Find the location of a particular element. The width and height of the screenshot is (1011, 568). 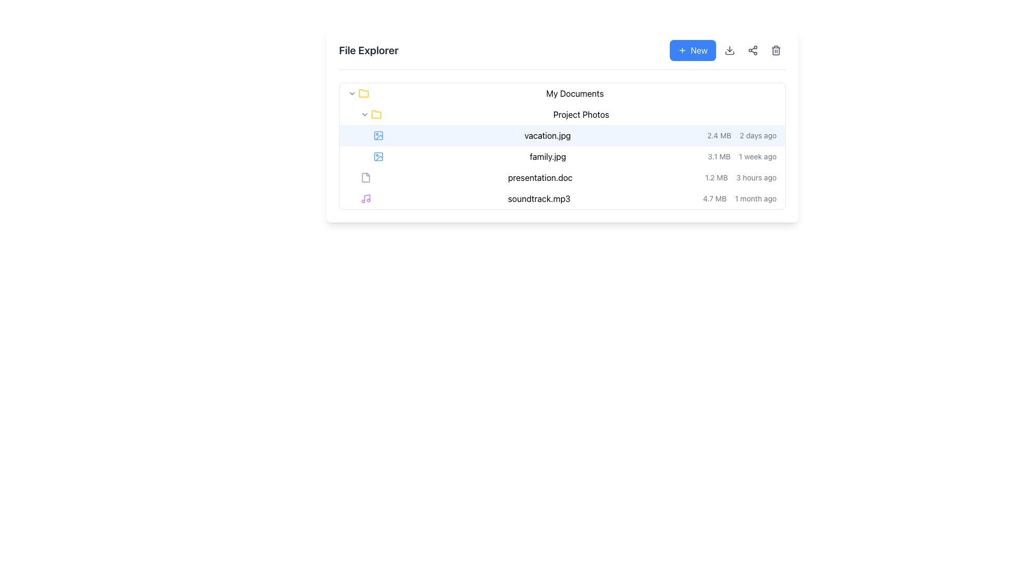

the row representing the file 'family.jpg' in the 'Project Photos' section of the file explorer is located at coordinates (562, 156).